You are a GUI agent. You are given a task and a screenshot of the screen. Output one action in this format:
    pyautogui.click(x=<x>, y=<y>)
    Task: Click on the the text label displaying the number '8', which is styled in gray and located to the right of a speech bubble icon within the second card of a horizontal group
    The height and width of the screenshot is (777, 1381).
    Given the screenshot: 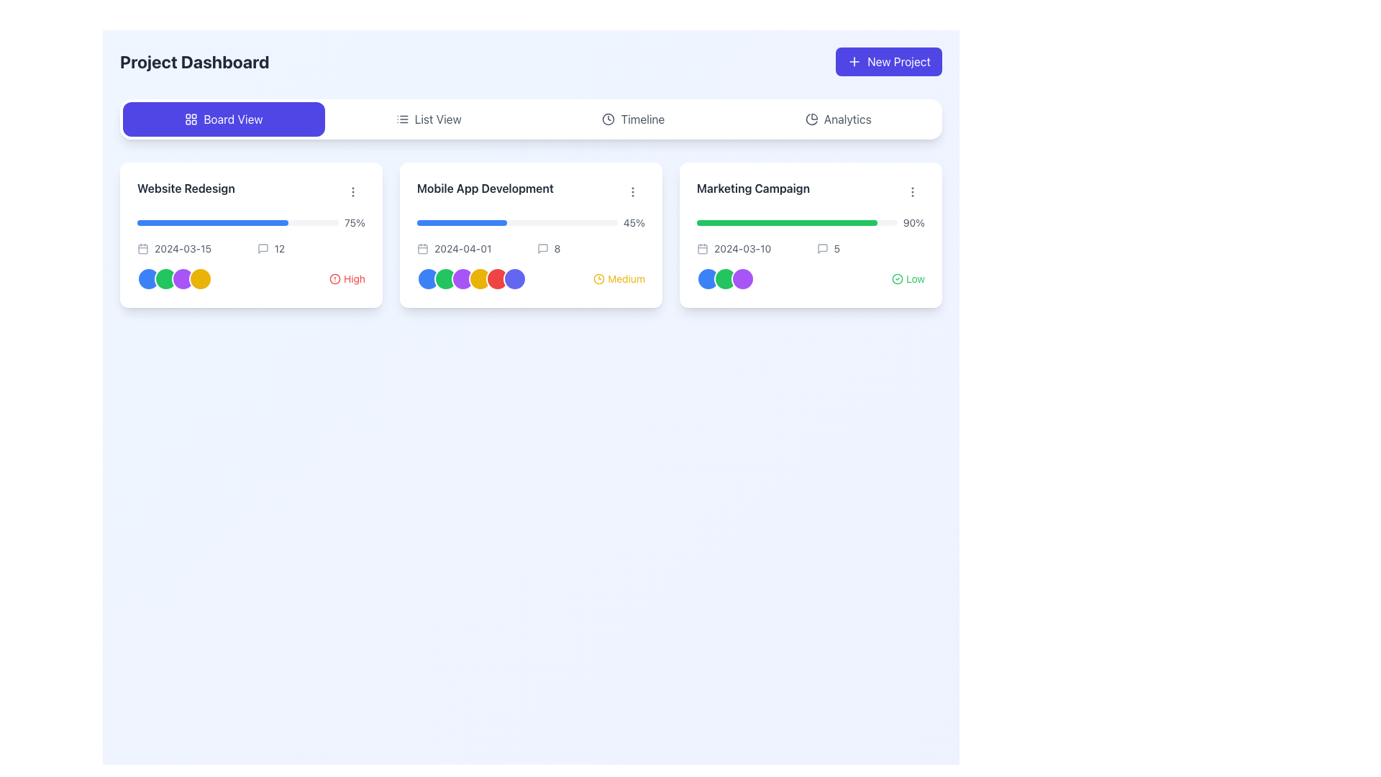 What is the action you would take?
    pyautogui.click(x=556, y=248)
    